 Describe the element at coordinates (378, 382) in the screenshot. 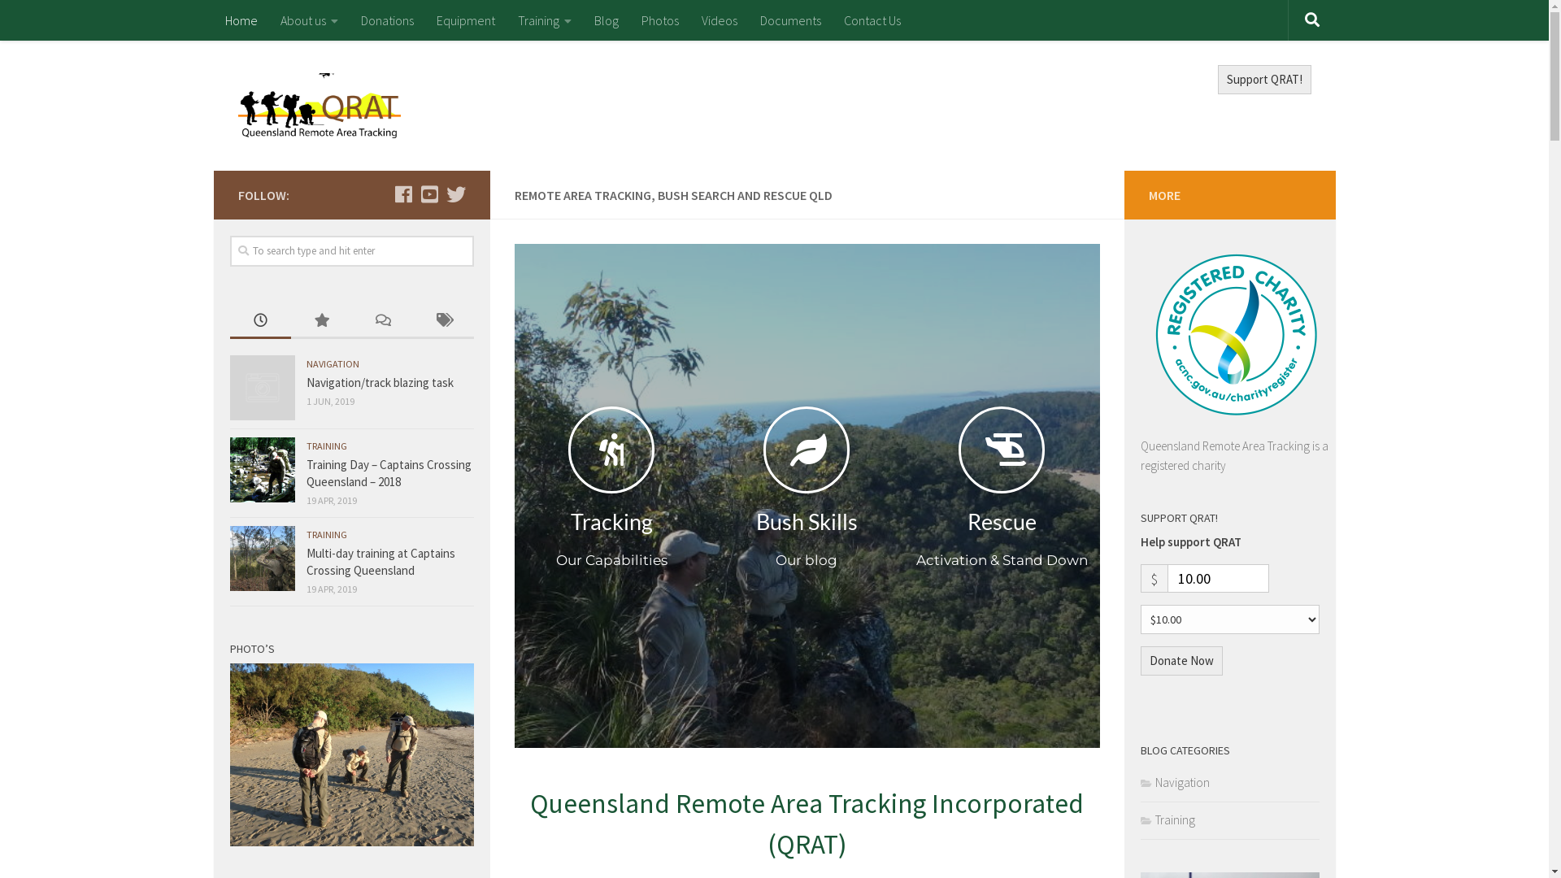

I see `'Navigation/track blazing task'` at that location.